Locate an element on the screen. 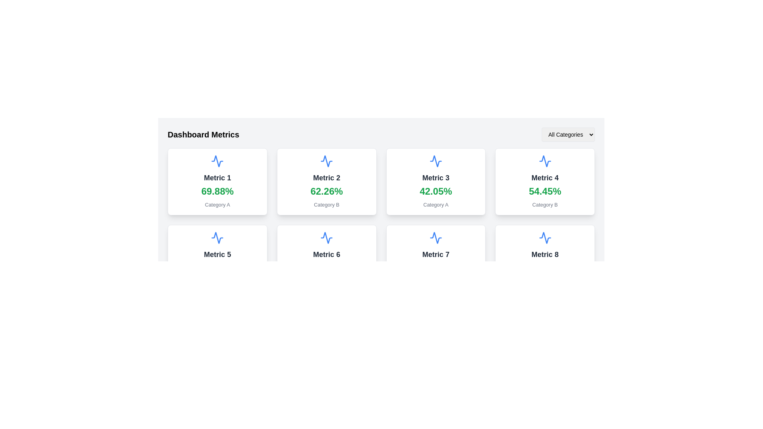  the blue line chart-like icon representing the ECG monitor signal, located above the text 'Metric 4' and '54.45% Category B' in the card layout is located at coordinates (544, 161).